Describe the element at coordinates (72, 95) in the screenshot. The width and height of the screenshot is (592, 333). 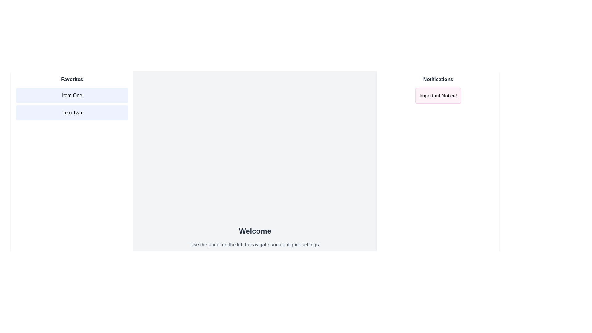
I see `the List item with light indigo background and text 'Item One' centered in black font` at that location.